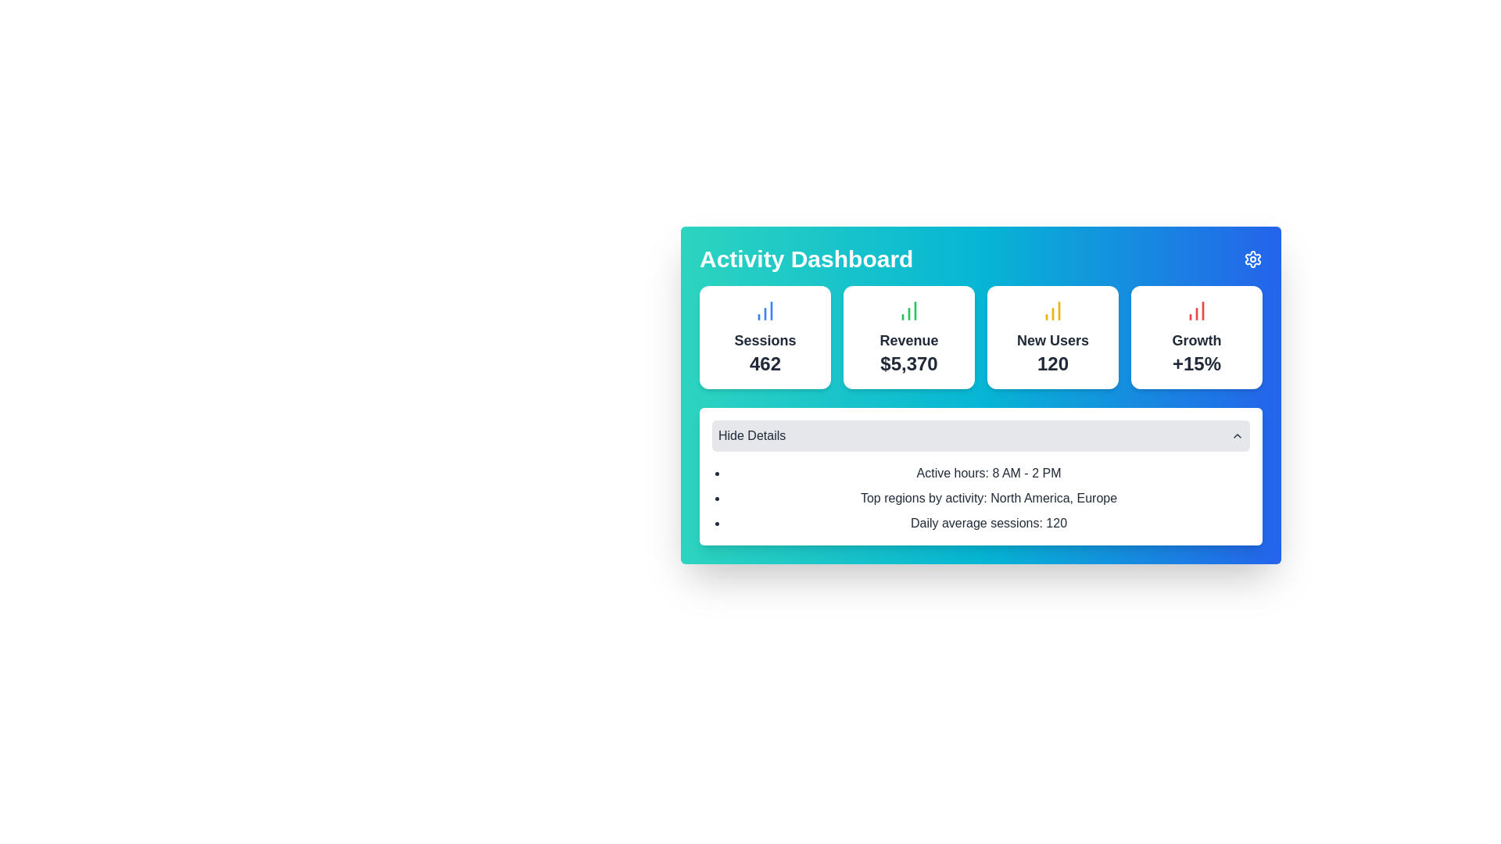  Describe the element at coordinates (980, 498) in the screenshot. I see `the text block with bullet points located in the bottom section of the 'Hide Details' card, which displays detailed summary information about activity metrics` at that location.